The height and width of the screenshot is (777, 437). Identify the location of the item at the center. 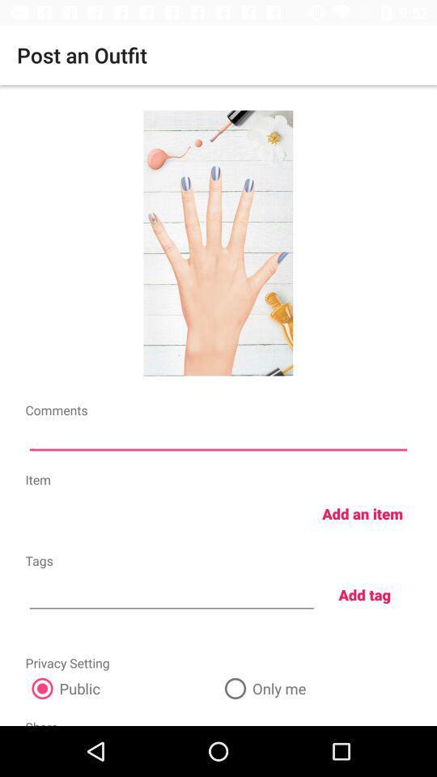
(218, 438).